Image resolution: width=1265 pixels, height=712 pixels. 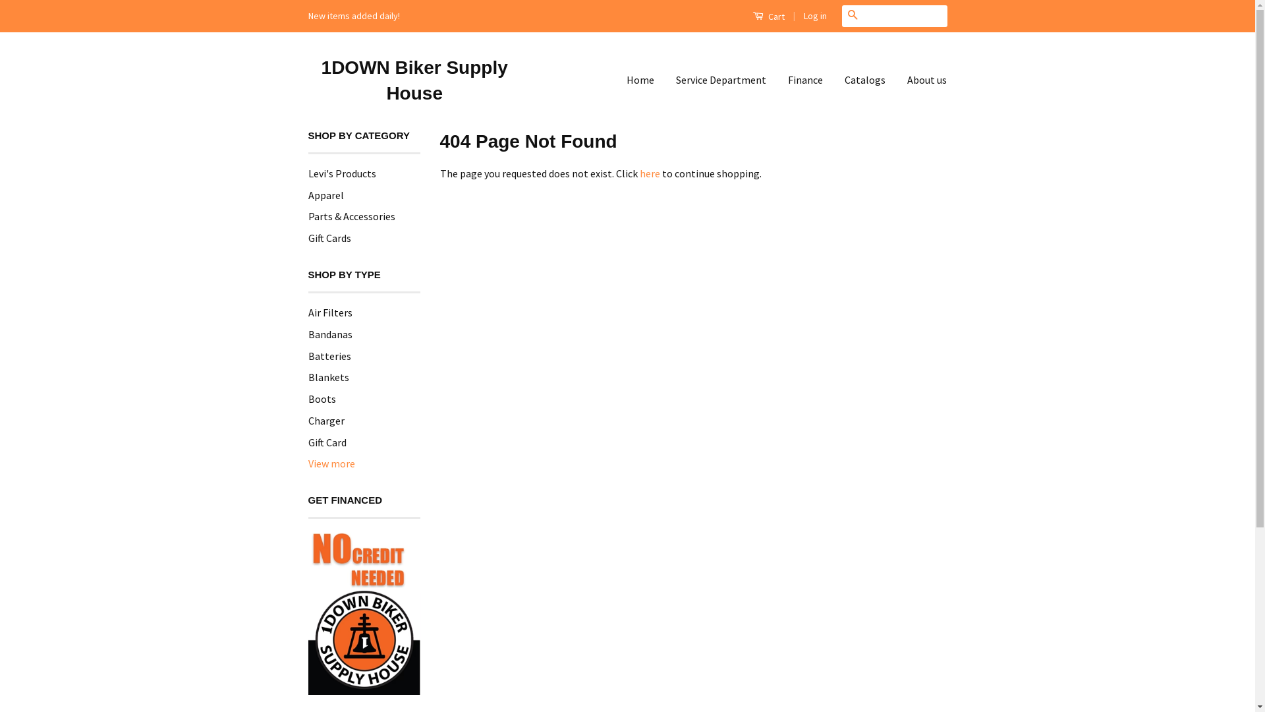 I want to click on 'Batteries', so click(x=329, y=356).